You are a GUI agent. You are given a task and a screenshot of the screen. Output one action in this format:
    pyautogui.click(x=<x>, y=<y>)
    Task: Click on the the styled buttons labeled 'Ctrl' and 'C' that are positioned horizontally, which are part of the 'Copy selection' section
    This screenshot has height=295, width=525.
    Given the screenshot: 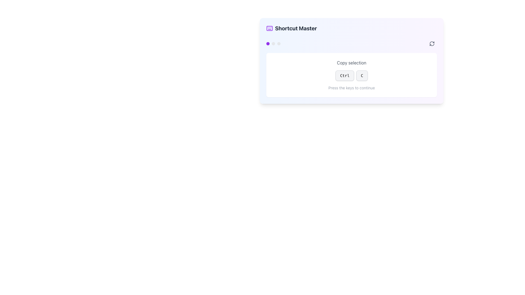 What is the action you would take?
    pyautogui.click(x=352, y=76)
    